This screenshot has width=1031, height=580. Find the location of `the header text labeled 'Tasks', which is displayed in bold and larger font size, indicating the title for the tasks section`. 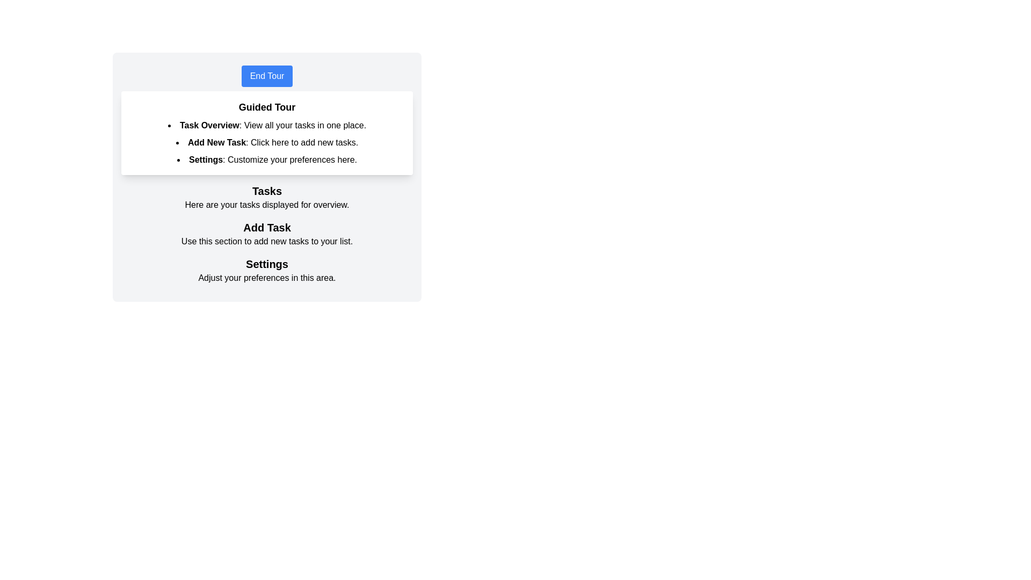

the header text labeled 'Tasks', which is displayed in bold and larger font size, indicating the title for the tasks section is located at coordinates (267, 190).